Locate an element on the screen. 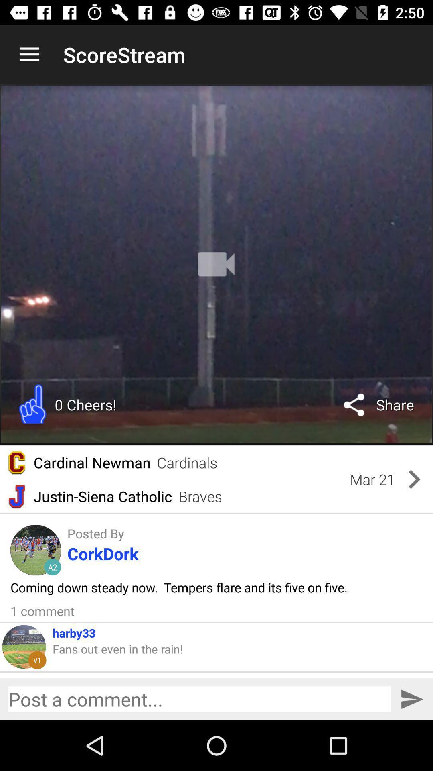 This screenshot has height=771, width=433. cardinals item is located at coordinates (187, 463).